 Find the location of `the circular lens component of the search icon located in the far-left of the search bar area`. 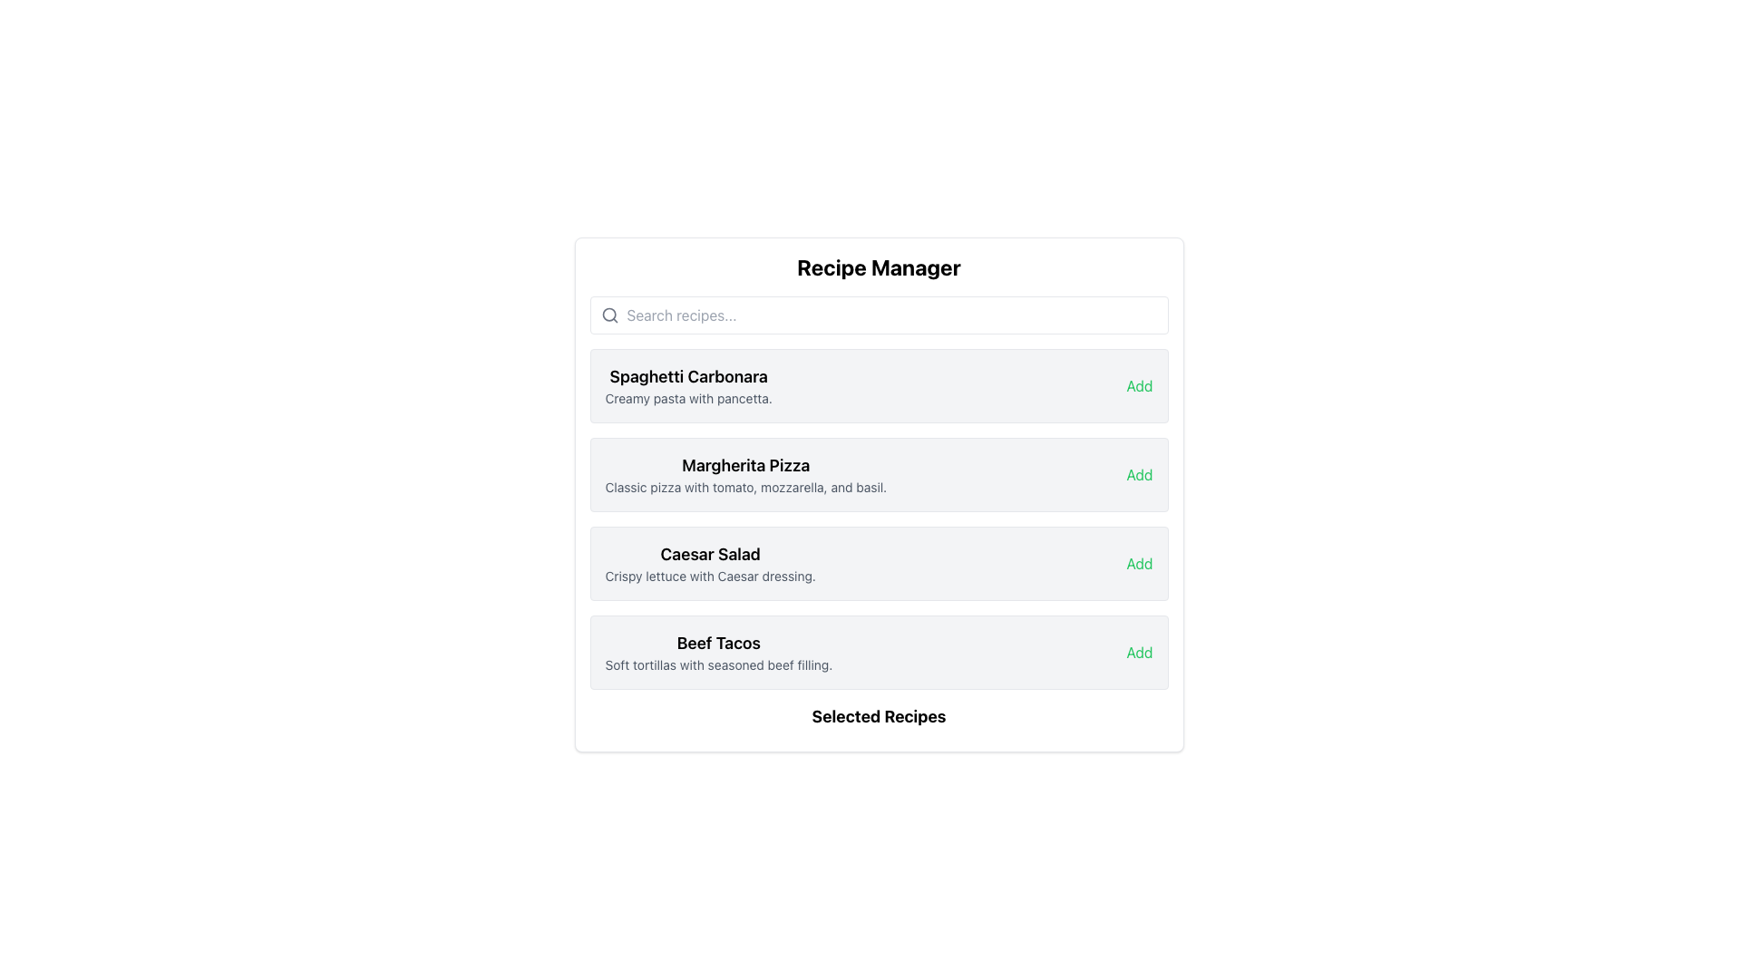

the circular lens component of the search icon located in the far-left of the search bar area is located at coordinates (608, 314).